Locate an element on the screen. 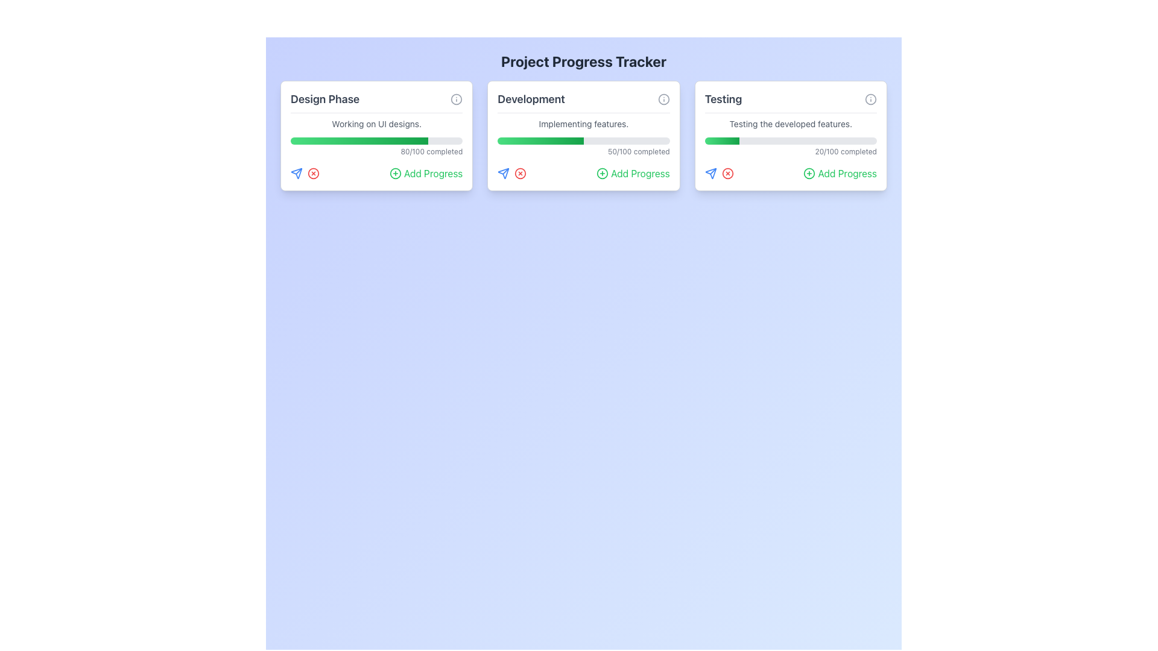  the progress value is located at coordinates (706, 140).